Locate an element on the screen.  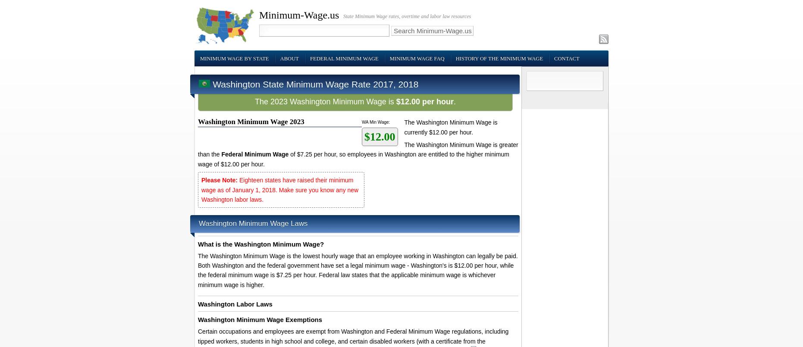
'Washington Minimum Wage 2023' is located at coordinates (251, 122).